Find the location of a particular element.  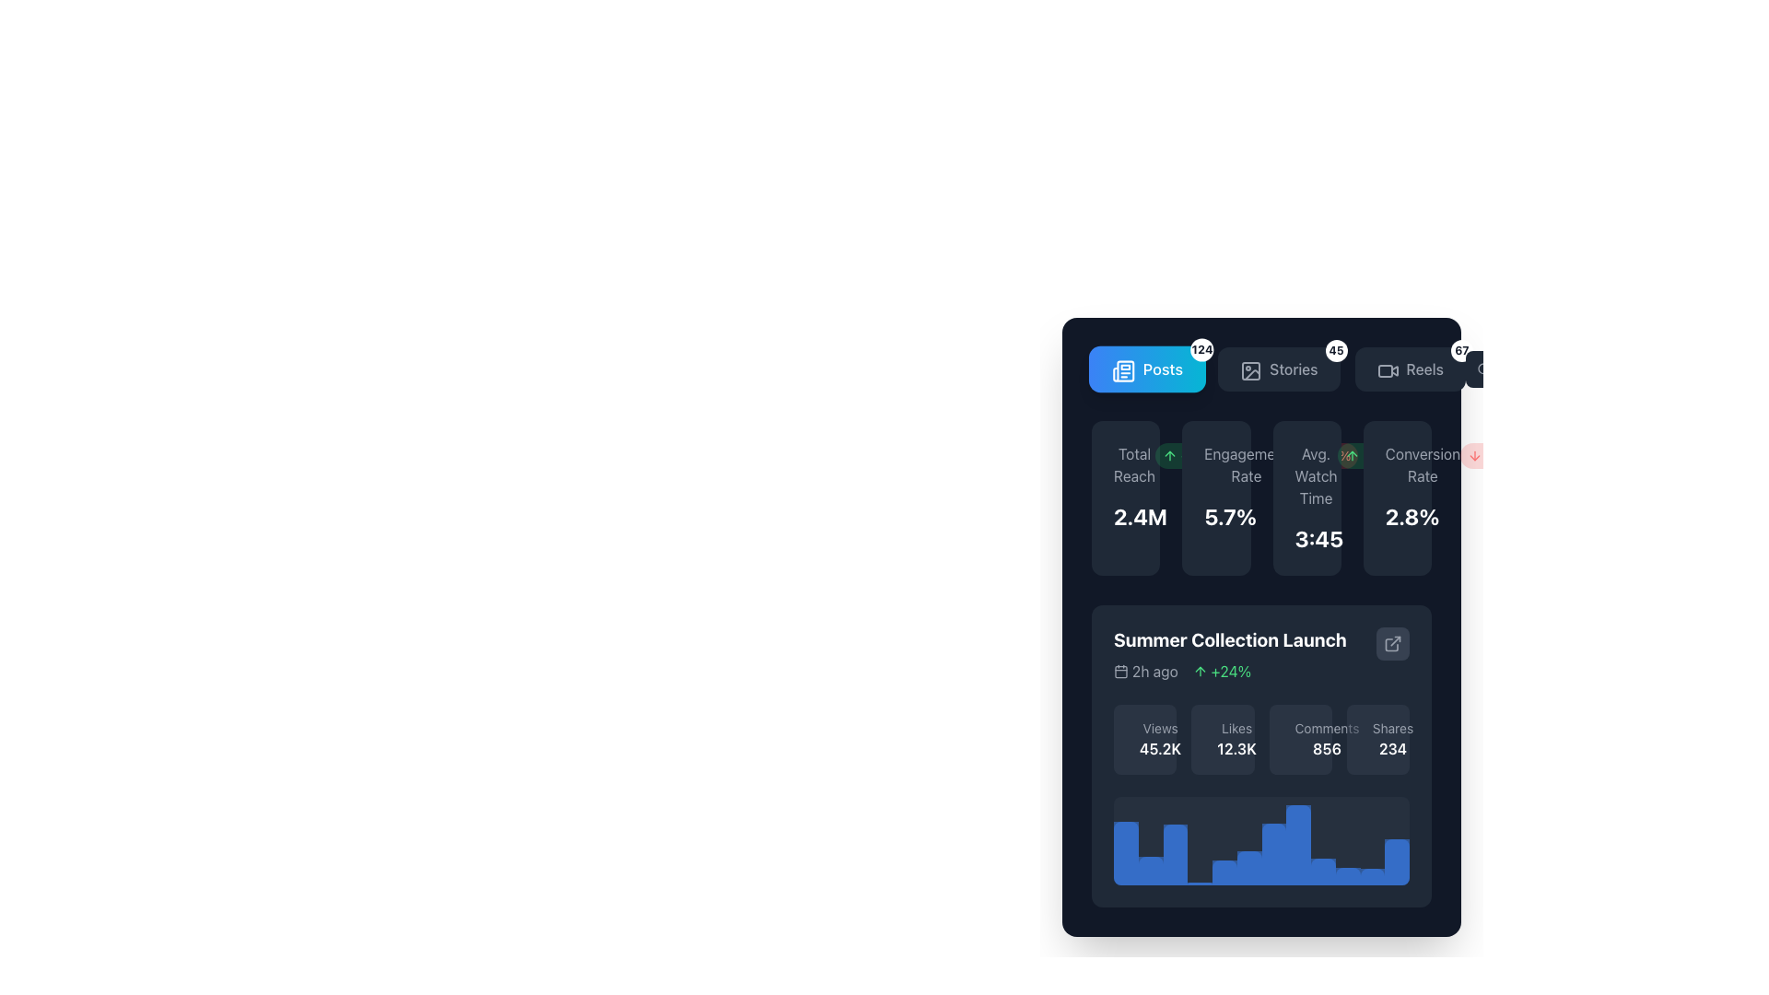

the newspaper icon located in the 'Posts' navigation tab, which is displayed within a blue button with rounded edges is located at coordinates (1122, 371).